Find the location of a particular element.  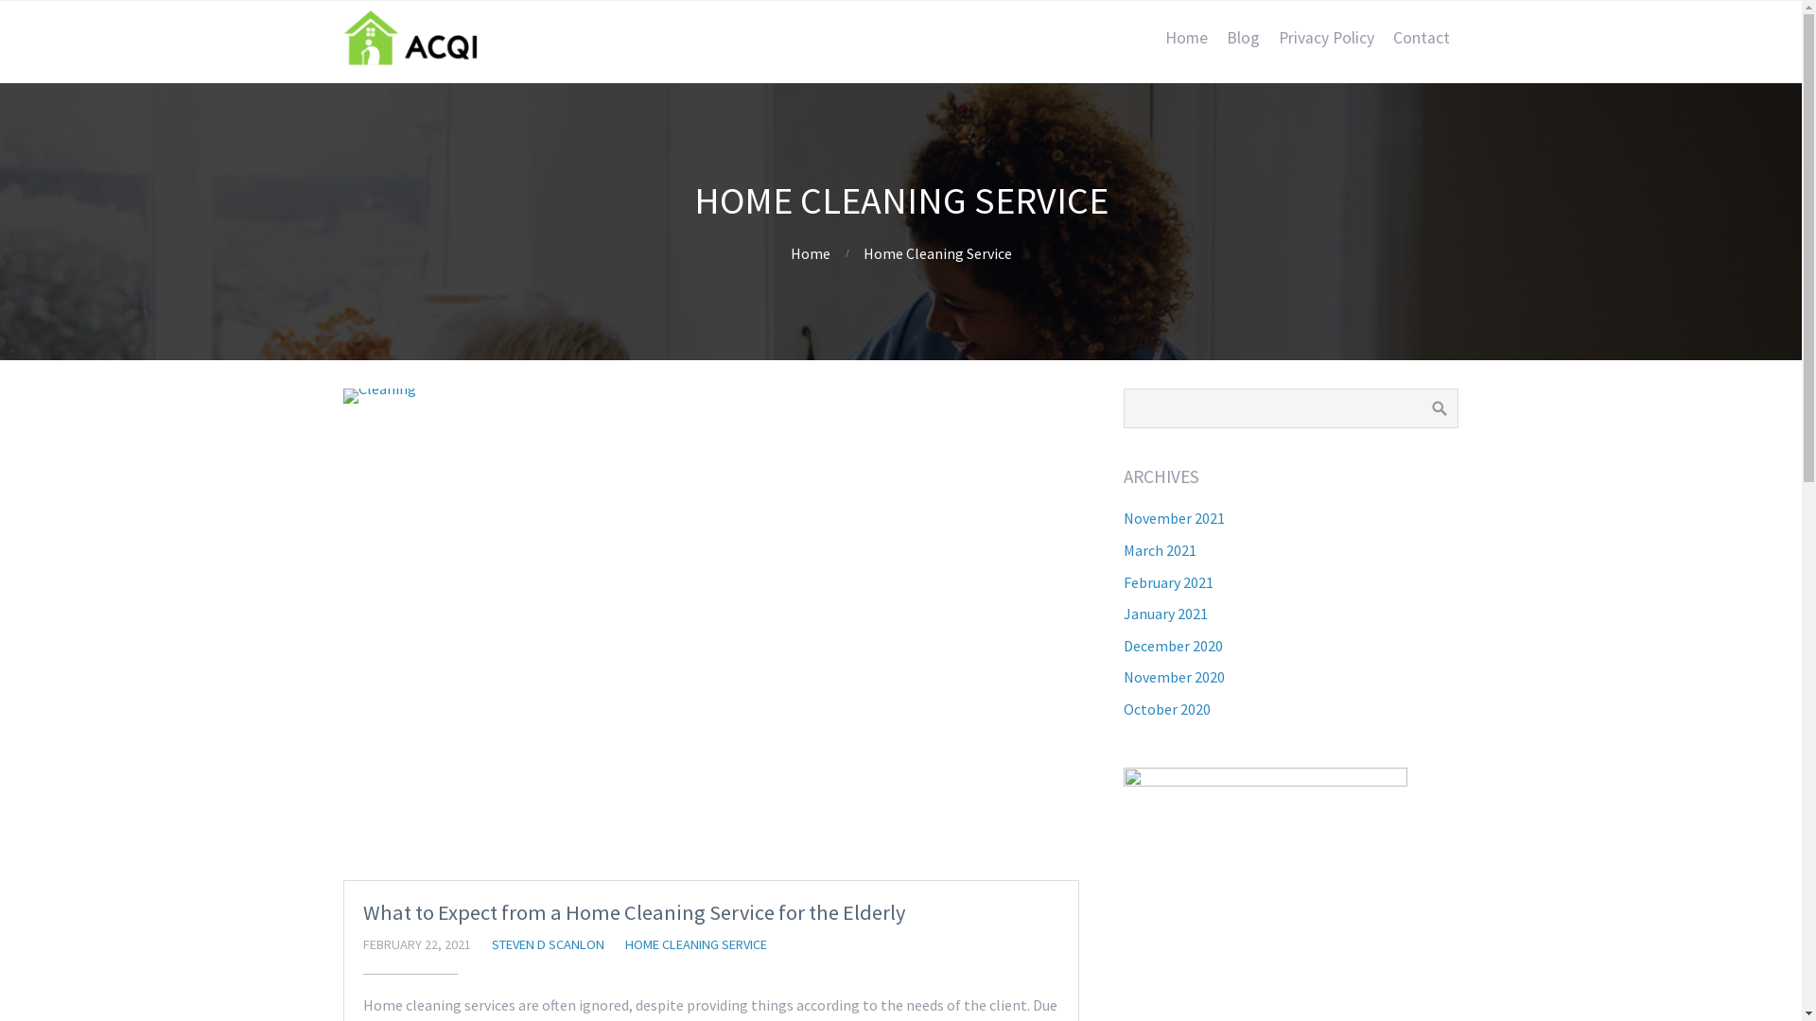

'November 2021' is located at coordinates (1173, 517).